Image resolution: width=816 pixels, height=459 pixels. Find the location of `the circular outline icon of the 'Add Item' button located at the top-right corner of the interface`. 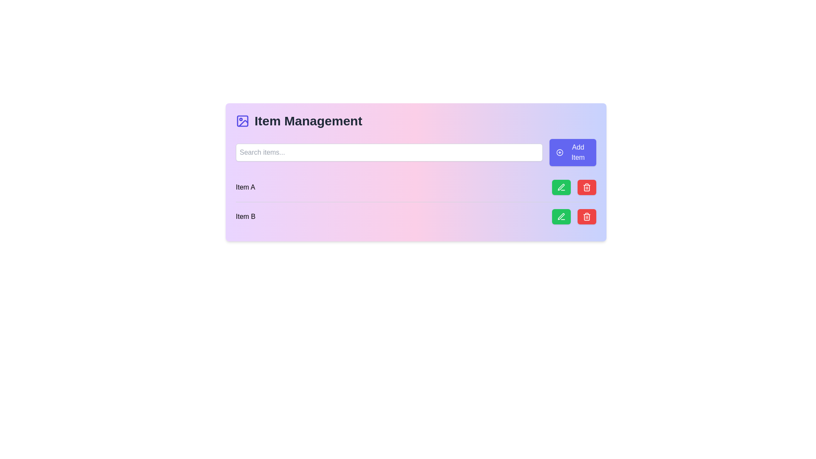

the circular outline icon of the 'Add Item' button located at the top-right corner of the interface is located at coordinates (560, 152).